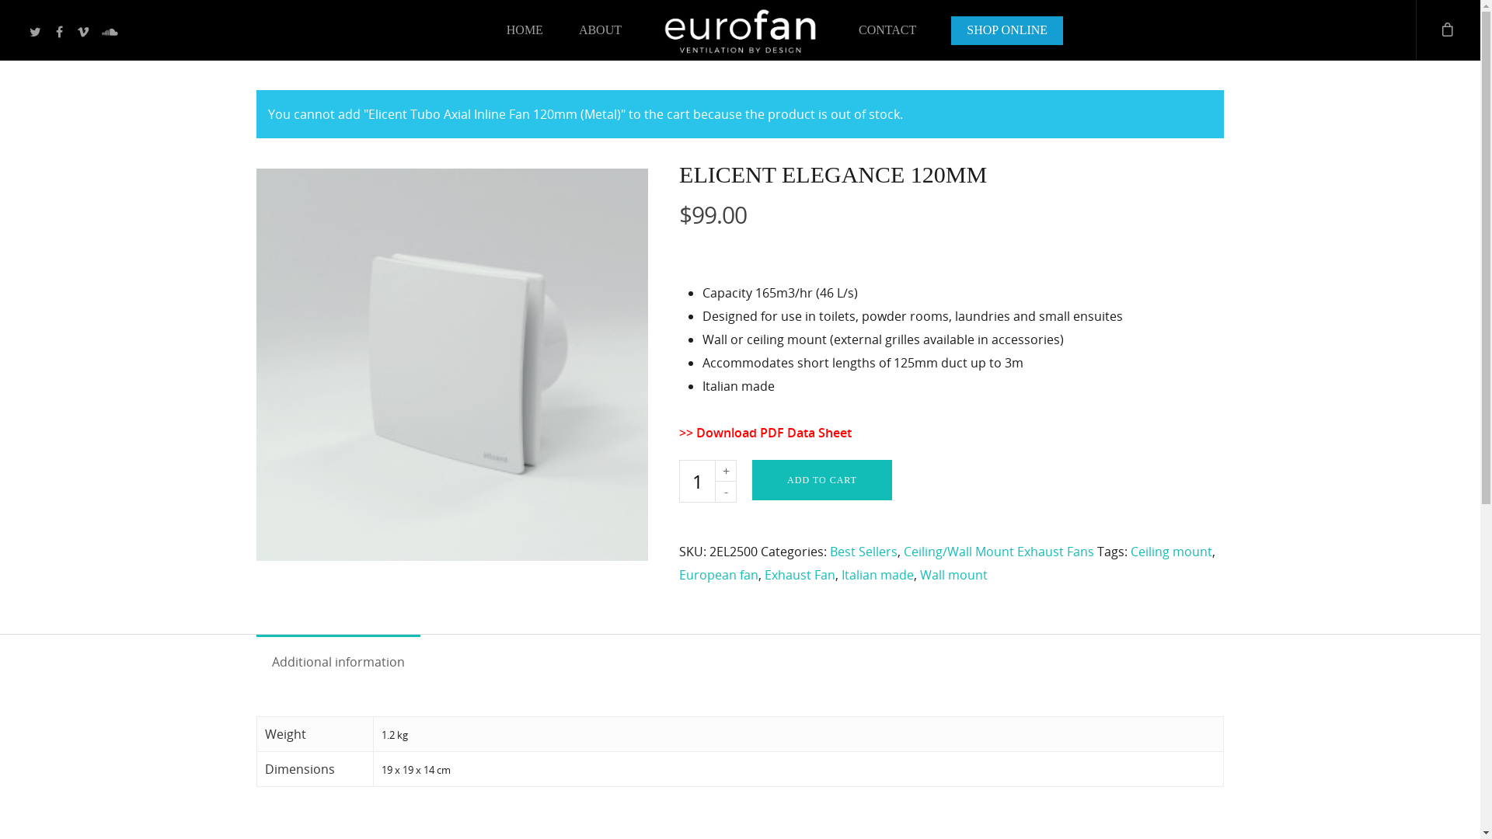  What do you see at coordinates (718, 575) in the screenshot?
I see `'European fan'` at bounding box center [718, 575].